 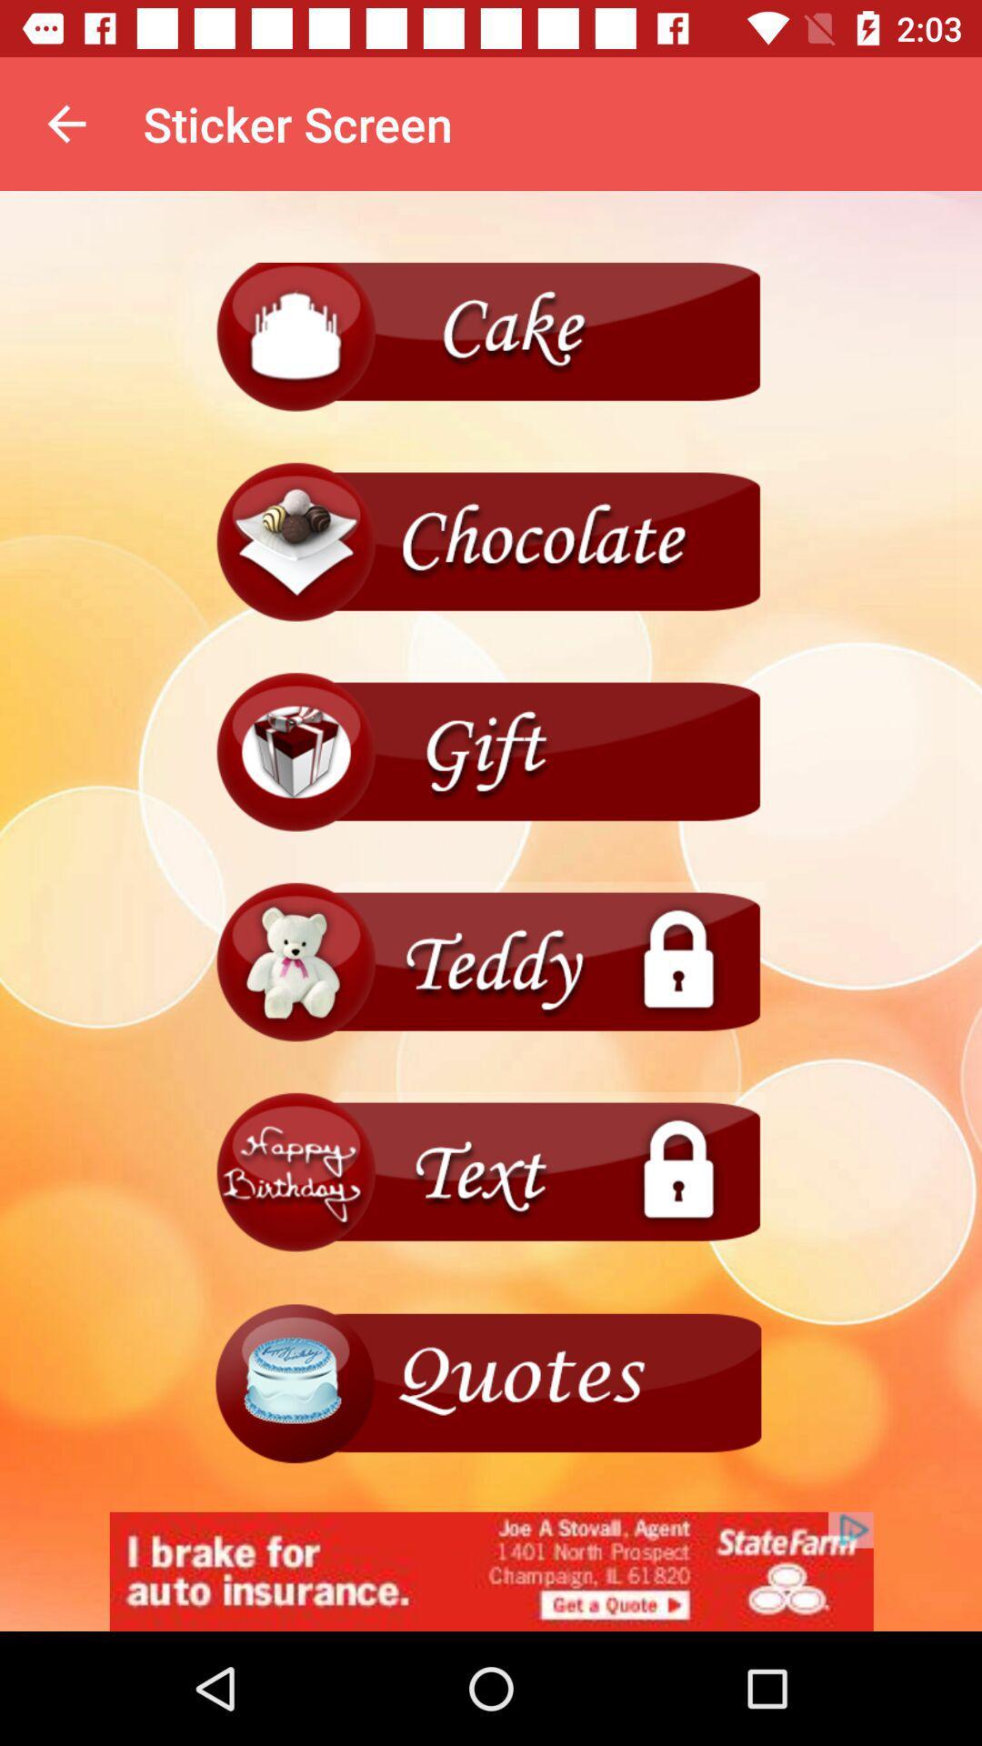 What do you see at coordinates (491, 962) in the screenshot?
I see `go back` at bounding box center [491, 962].